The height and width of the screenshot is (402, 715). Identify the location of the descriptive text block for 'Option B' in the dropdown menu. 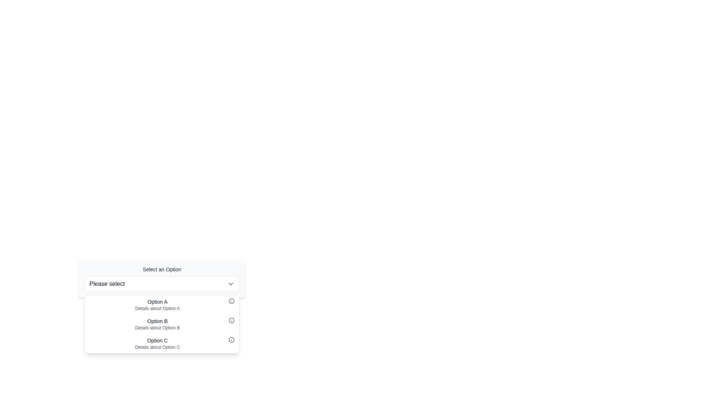
(157, 324).